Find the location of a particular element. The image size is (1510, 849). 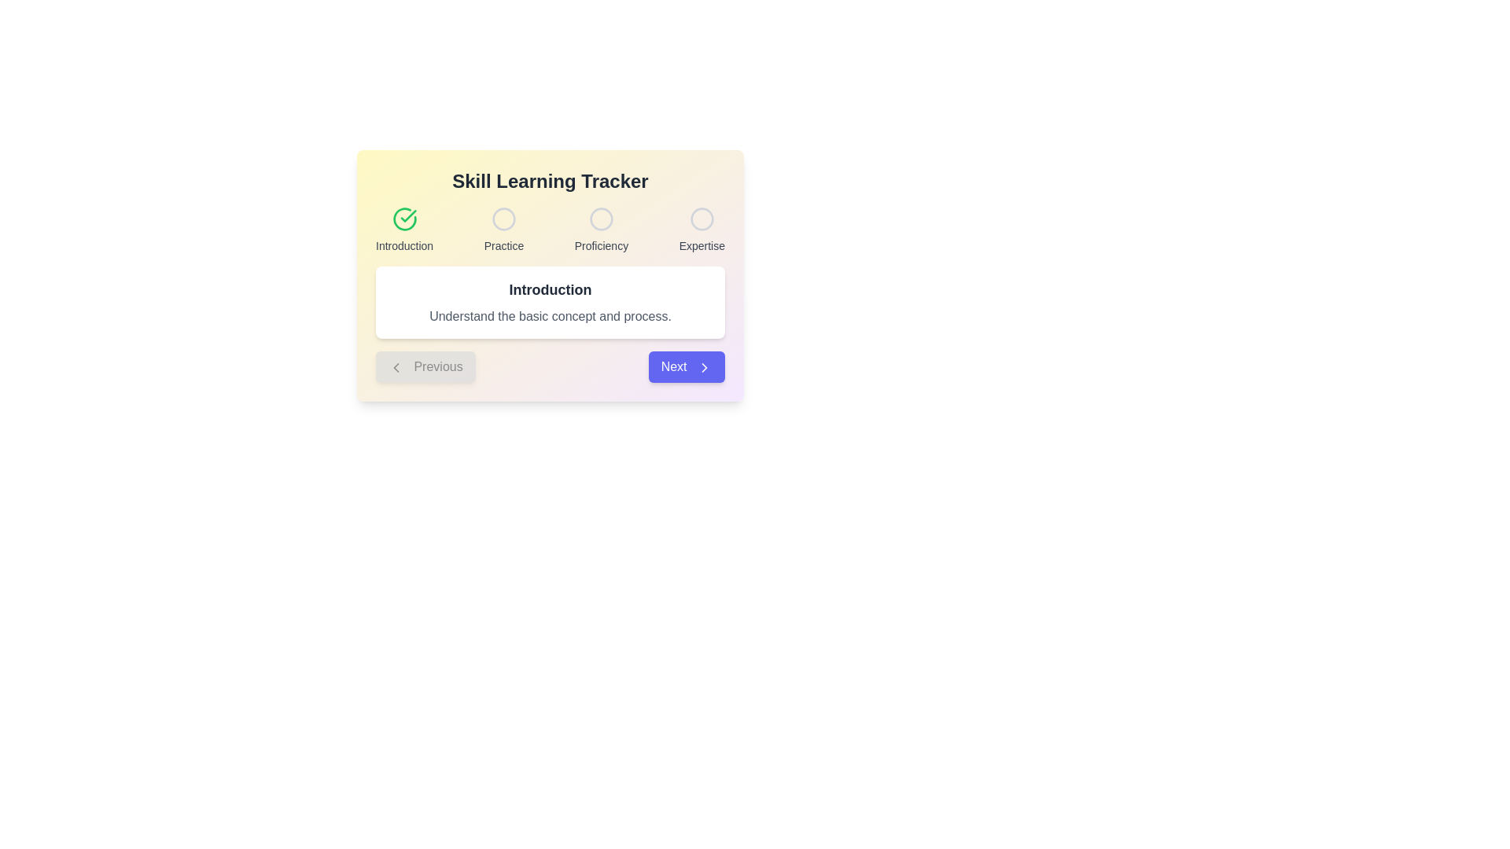

the 'Previous' button that contains the left-facing arrow icon, located in the bottom-left section of the card is located at coordinates (396, 366).